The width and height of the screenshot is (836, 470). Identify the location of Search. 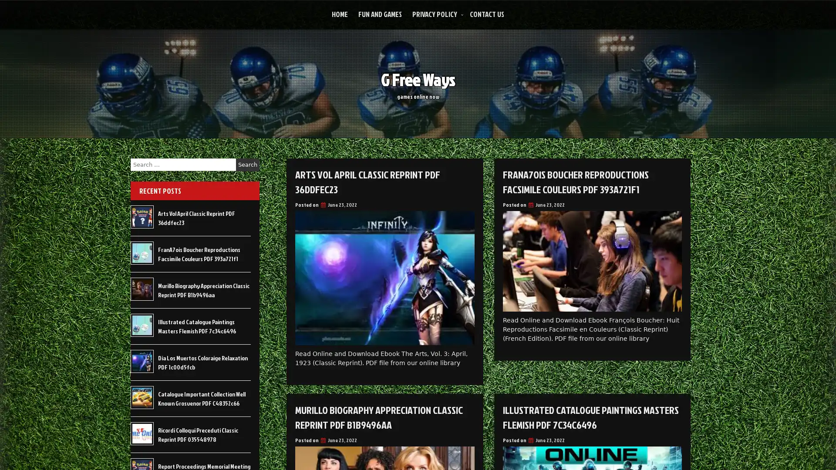
(247, 164).